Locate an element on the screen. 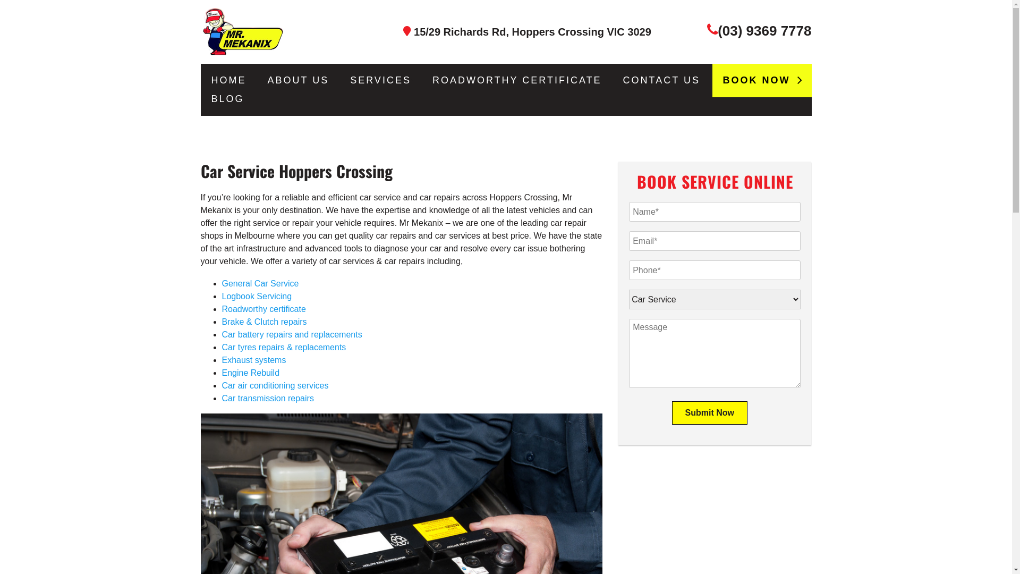  'CONTACT US' is located at coordinates (661, 80).